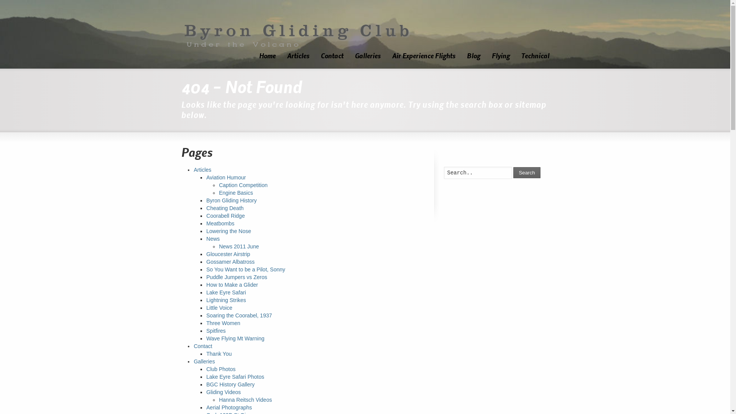  Describe the element at coordinates (206, 376) in the screenshot. I see `'Lake Eyre Safari Photos'` at that location.